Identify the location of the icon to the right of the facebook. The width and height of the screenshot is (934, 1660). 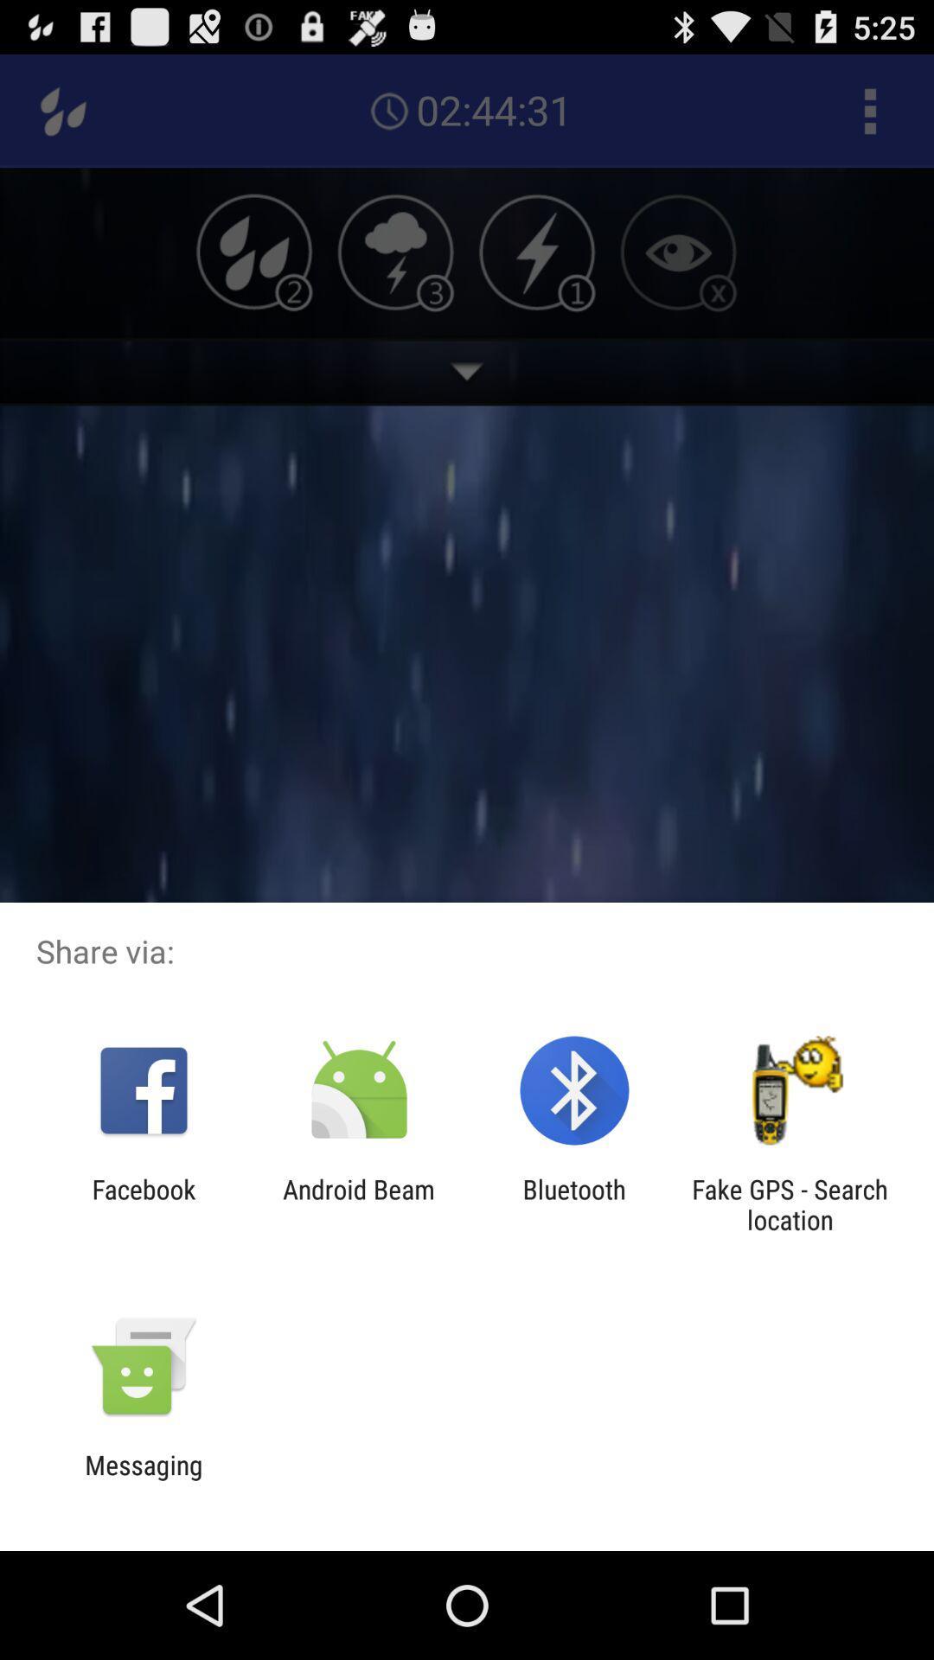
(358, 1203).